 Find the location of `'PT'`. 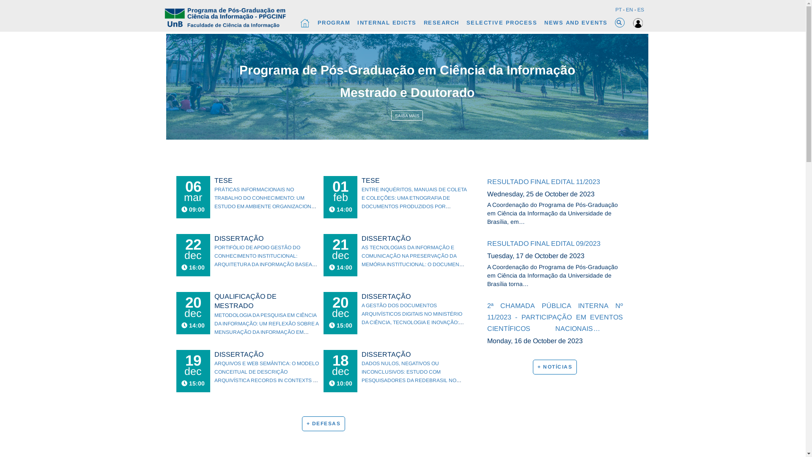

'PT' is located at coordinates (618, 10).